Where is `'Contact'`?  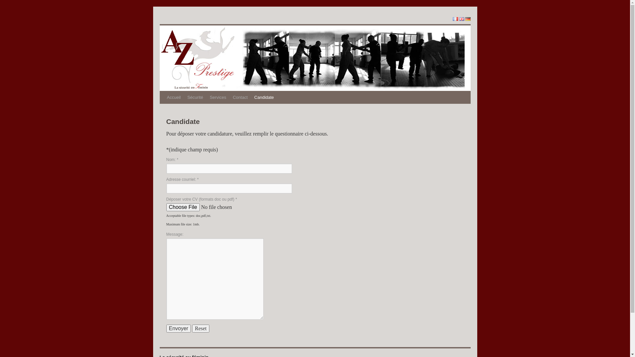 'Contact' is located at coordinates (240, 97).